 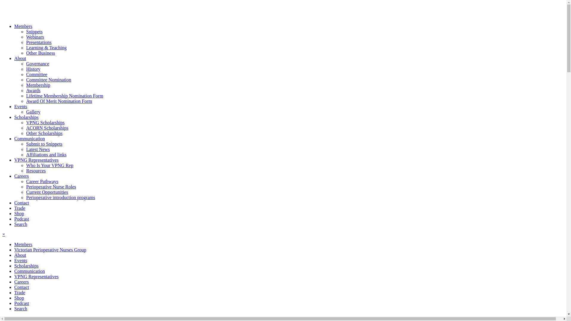 What do you see at coordinates (47, 128) in the screenshot?
I see `'ACORN Scholarships'` at bounding box center [47, 128].